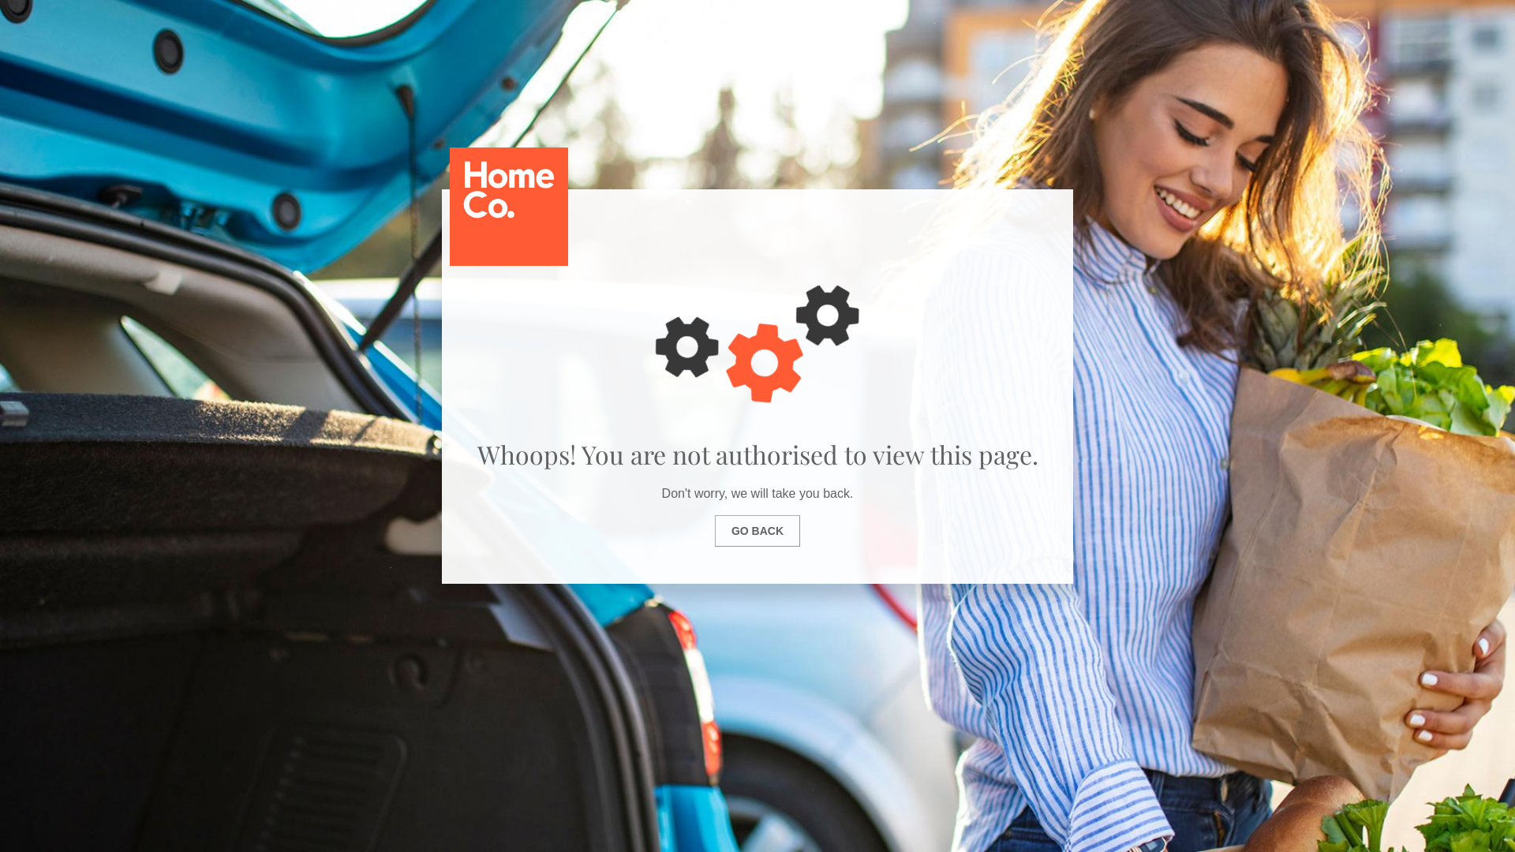  What do you see at coordinates (757, 530) in the screenshot?
I see `'GO BACK'` at bounding box center [757, 530].